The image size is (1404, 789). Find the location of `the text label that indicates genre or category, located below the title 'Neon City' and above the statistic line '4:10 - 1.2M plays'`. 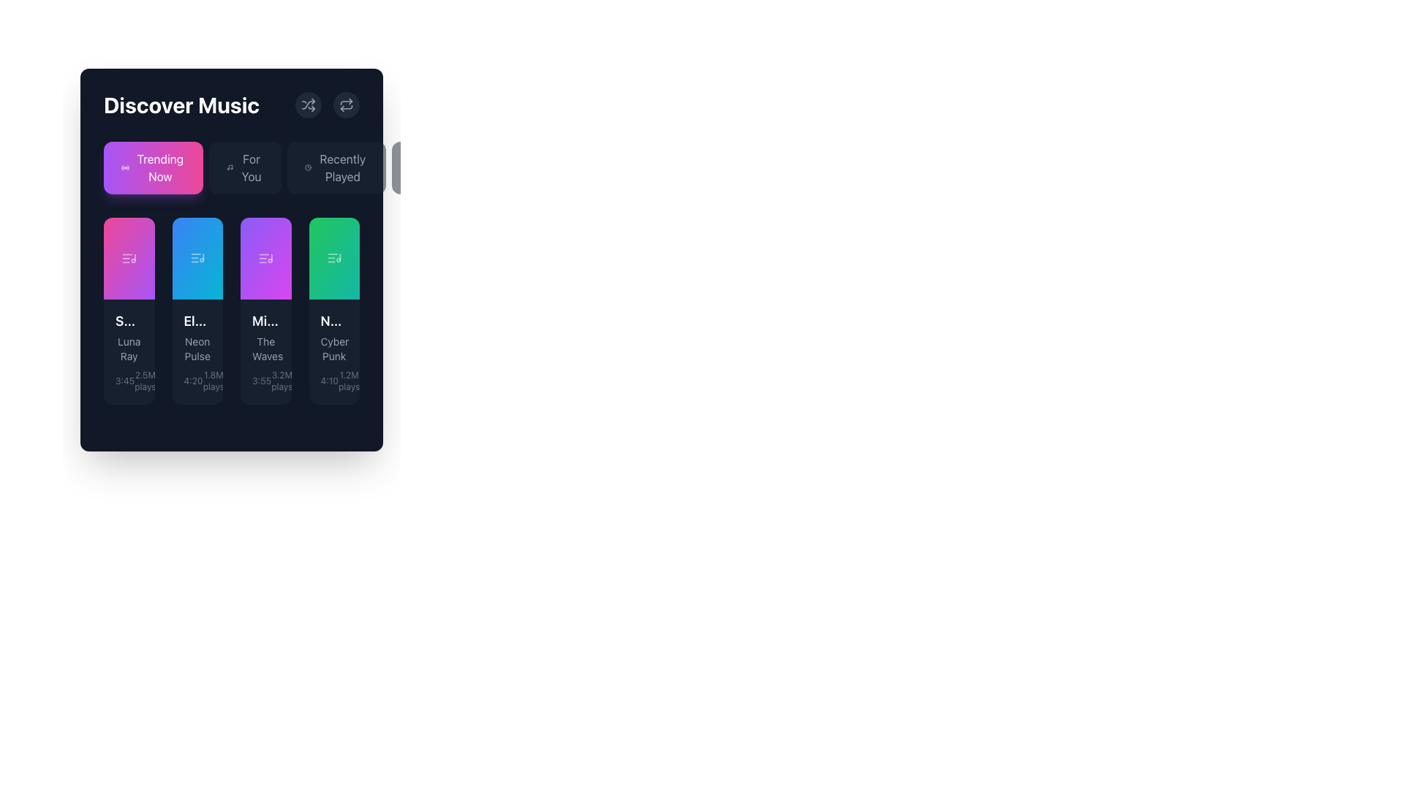

the text label that indicates genre or category, located below the title 'Neon City' and above the statistic line '4:10 - 1.2M plays' is located at coordinates (333, 349).